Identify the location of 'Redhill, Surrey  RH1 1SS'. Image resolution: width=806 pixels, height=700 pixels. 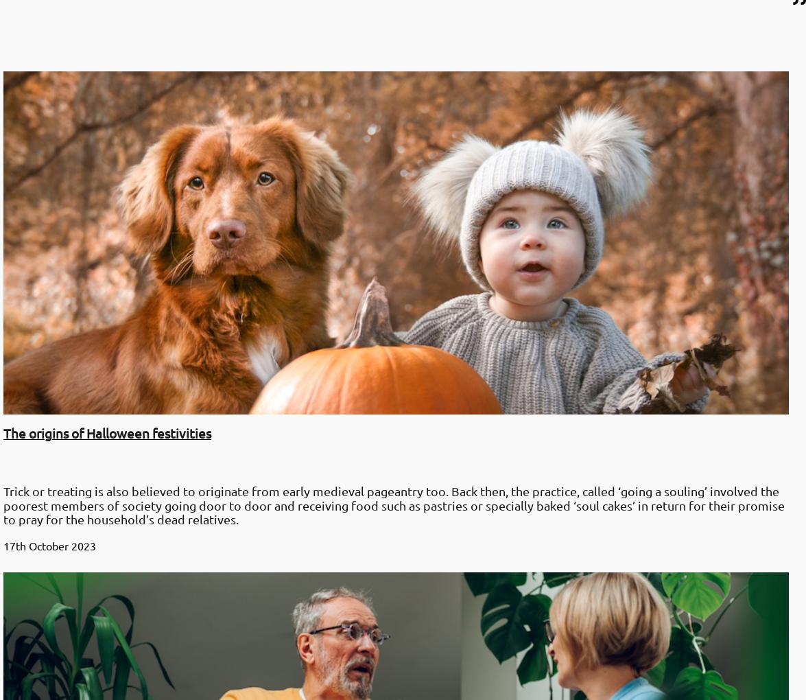
(10, 577).